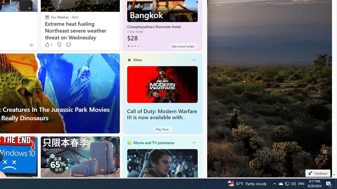  What do you see at coordinates (194, 143) in the screenshot?
I see `'Class: icon-img'` at bounding box center [194, 143].